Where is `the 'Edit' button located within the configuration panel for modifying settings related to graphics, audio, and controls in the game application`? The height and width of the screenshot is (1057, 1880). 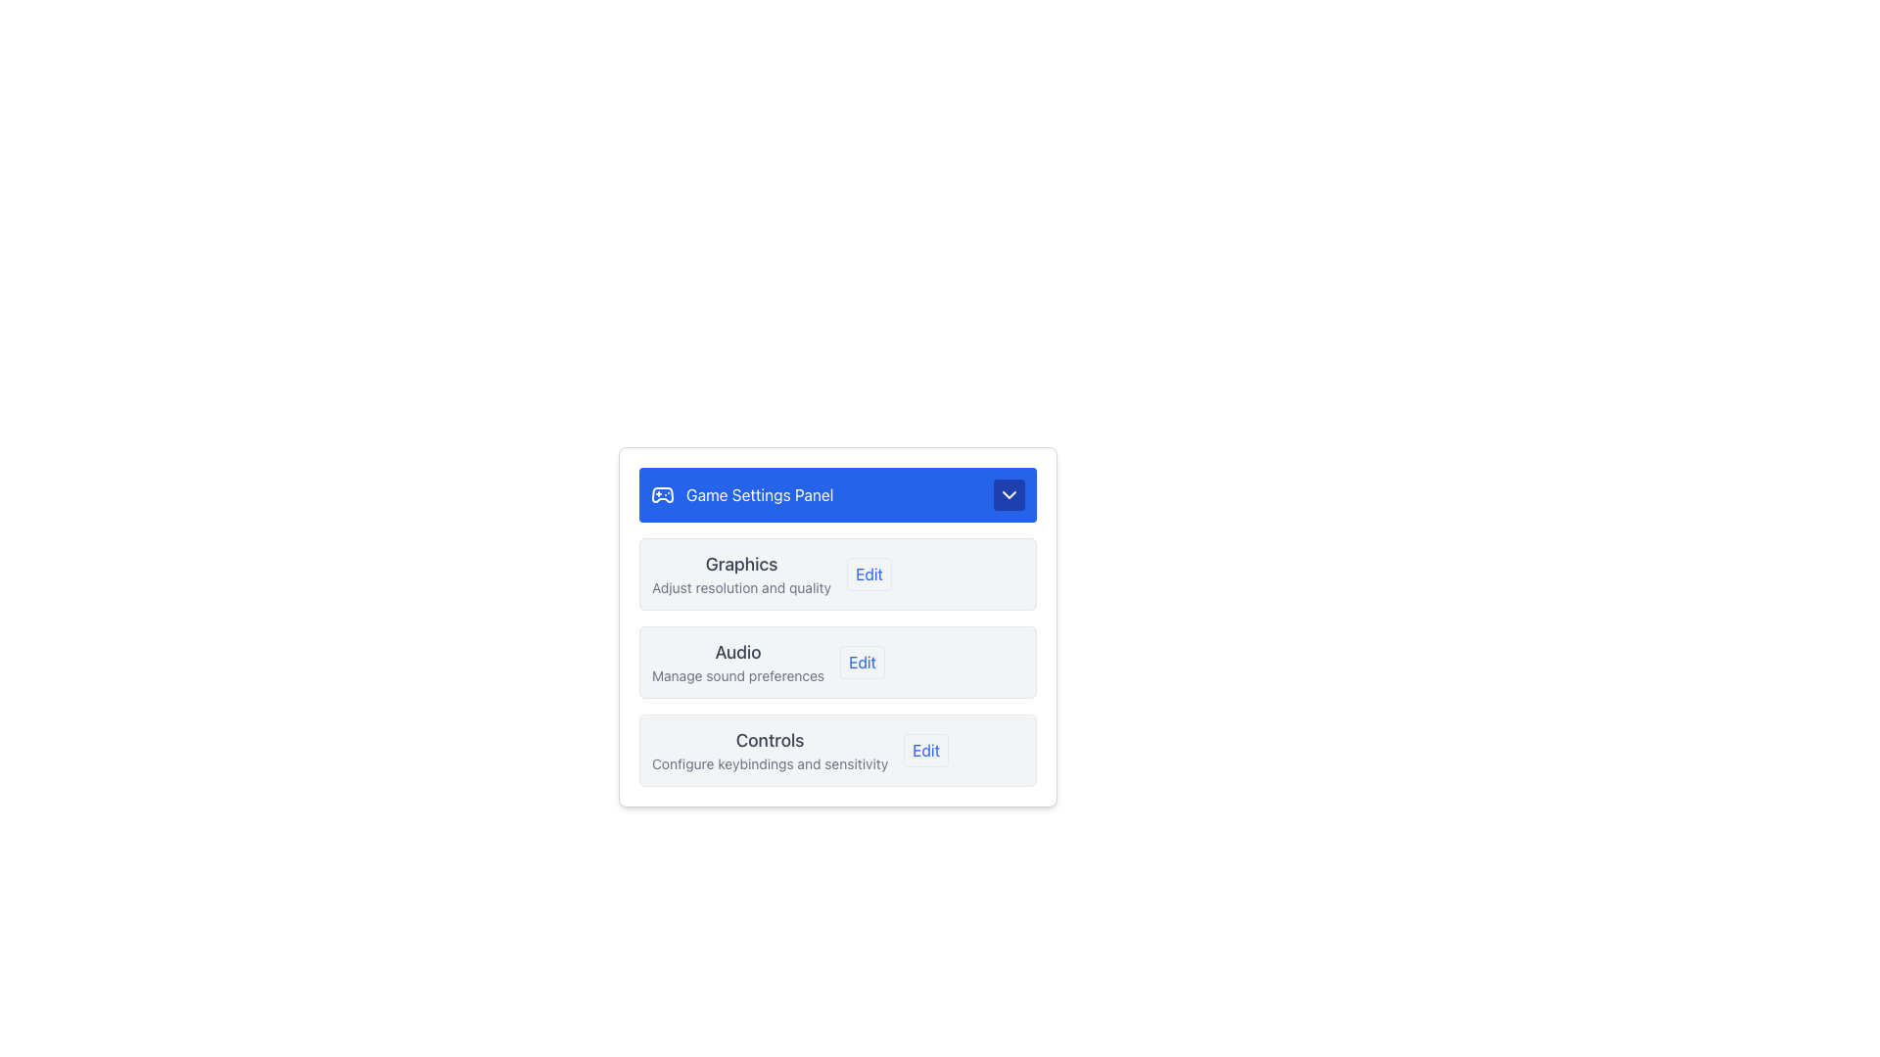 the 'Edit' button located within the configuration panel for modifying settings related to graphics, audio, and controls in the game application is located at coordinates (837, 626).